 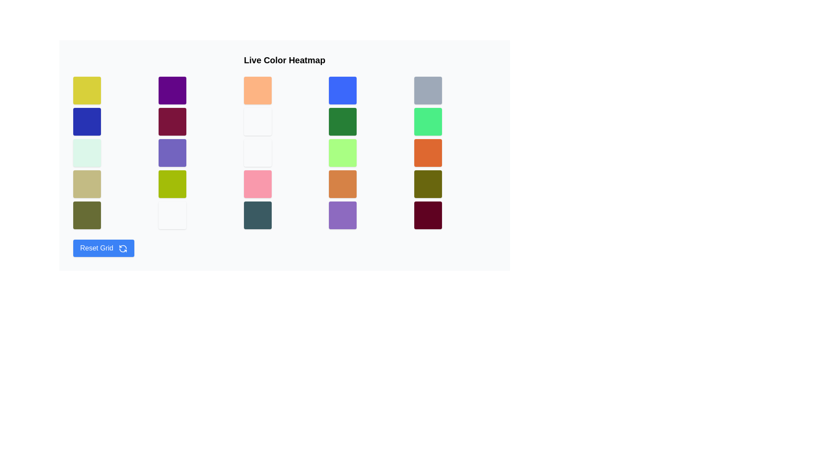 I want to click on the Color tile located in the fourth row and third column of the color selection grid, so click(x=257, y=183).